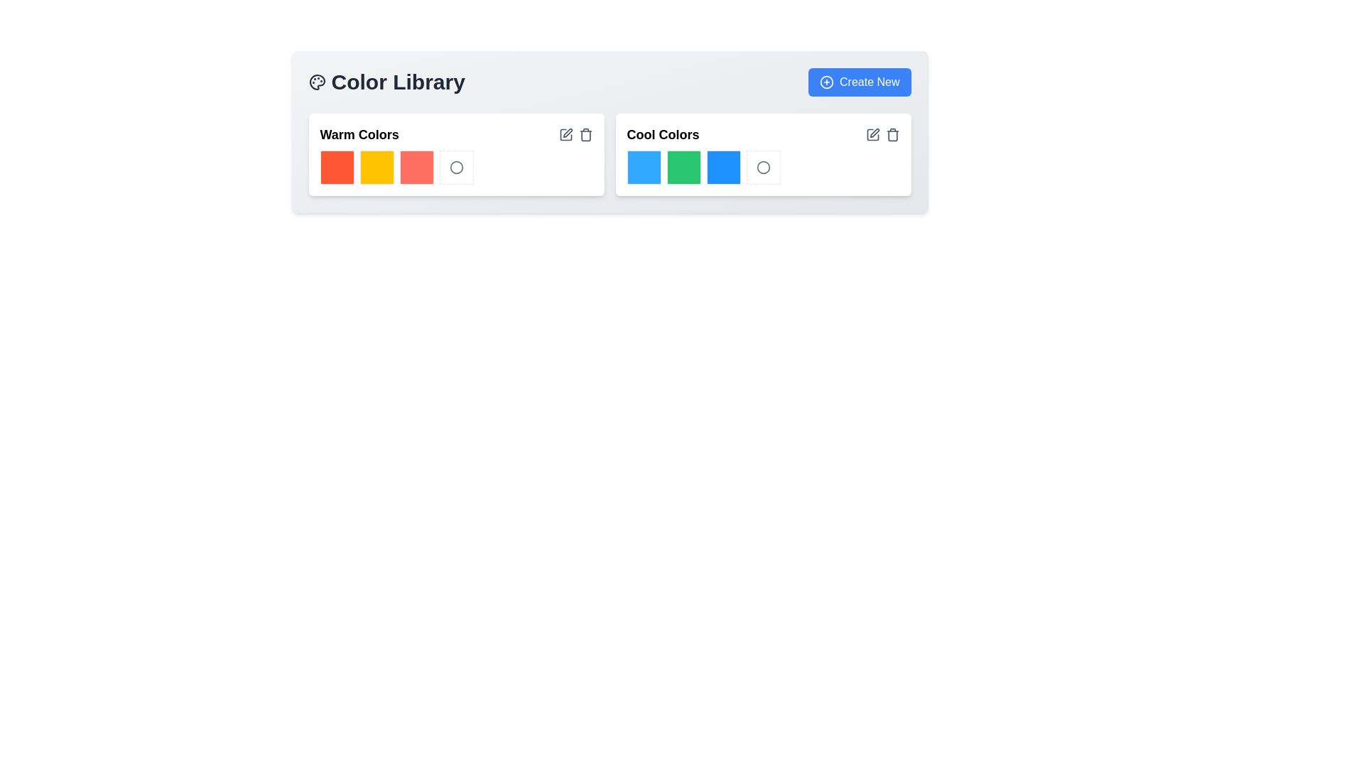 This screenshot has width=1364, height=767. I want to click on the icon located at the top-right corner of the 'Cool Colors' section, so click(873, 133).